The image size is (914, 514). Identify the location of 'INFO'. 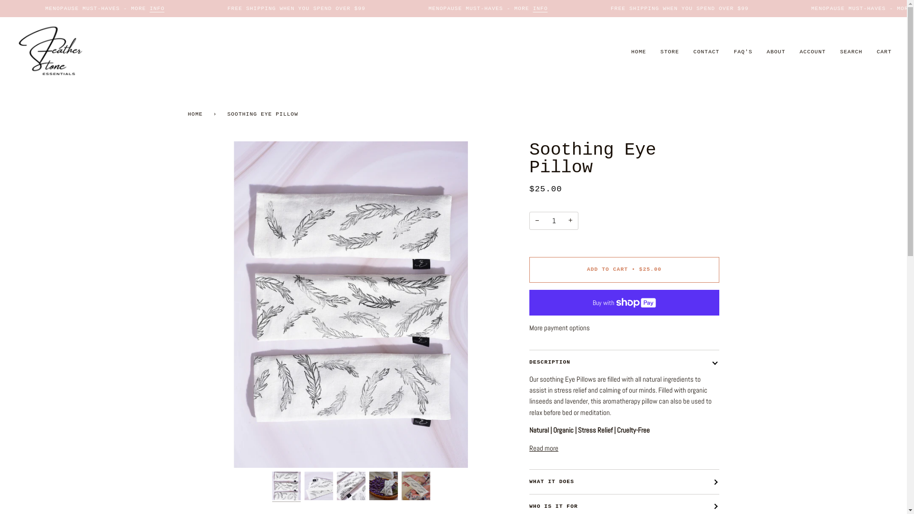
(157, 9).